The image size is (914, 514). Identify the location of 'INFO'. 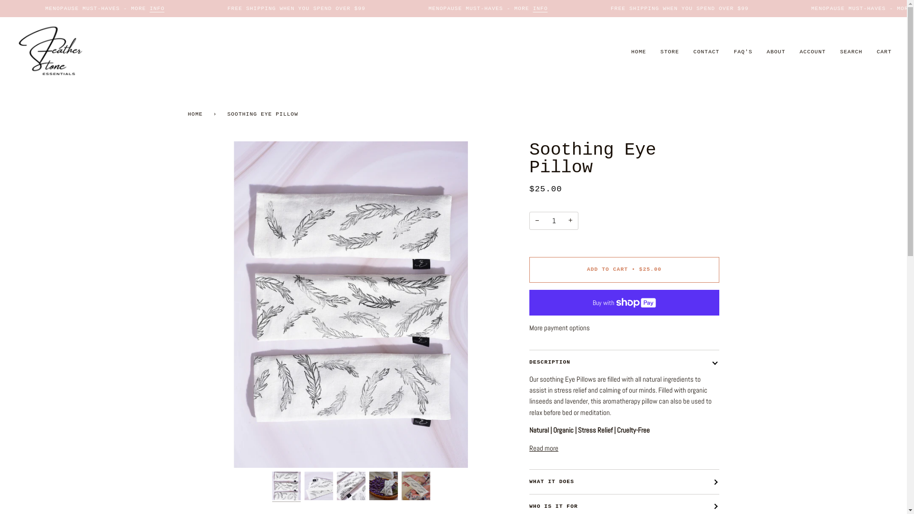
(157, 9).